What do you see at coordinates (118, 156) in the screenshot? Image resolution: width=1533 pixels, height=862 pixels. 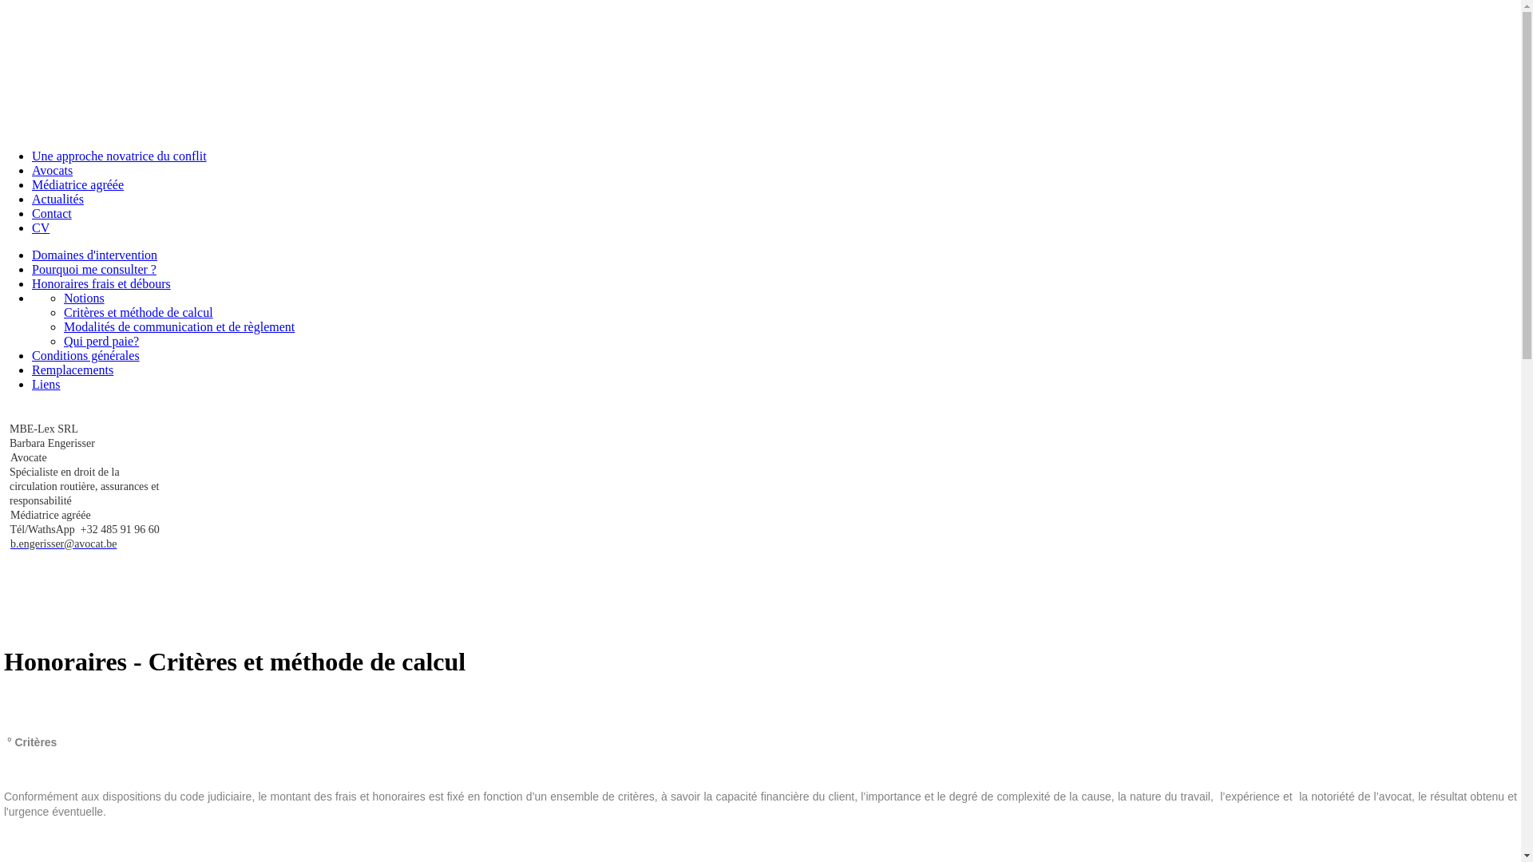 I see `'Une approche novatrice du conflit'` at bounding box center [118, 156].